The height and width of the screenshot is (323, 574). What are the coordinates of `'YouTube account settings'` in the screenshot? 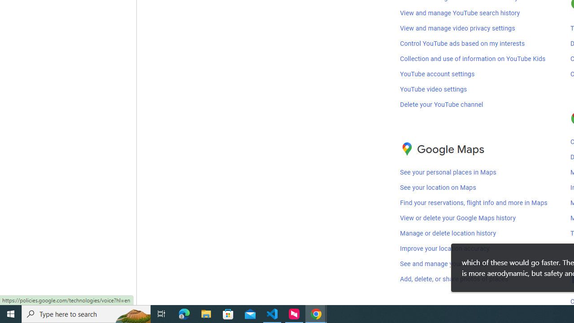 It's located at (437, 74).